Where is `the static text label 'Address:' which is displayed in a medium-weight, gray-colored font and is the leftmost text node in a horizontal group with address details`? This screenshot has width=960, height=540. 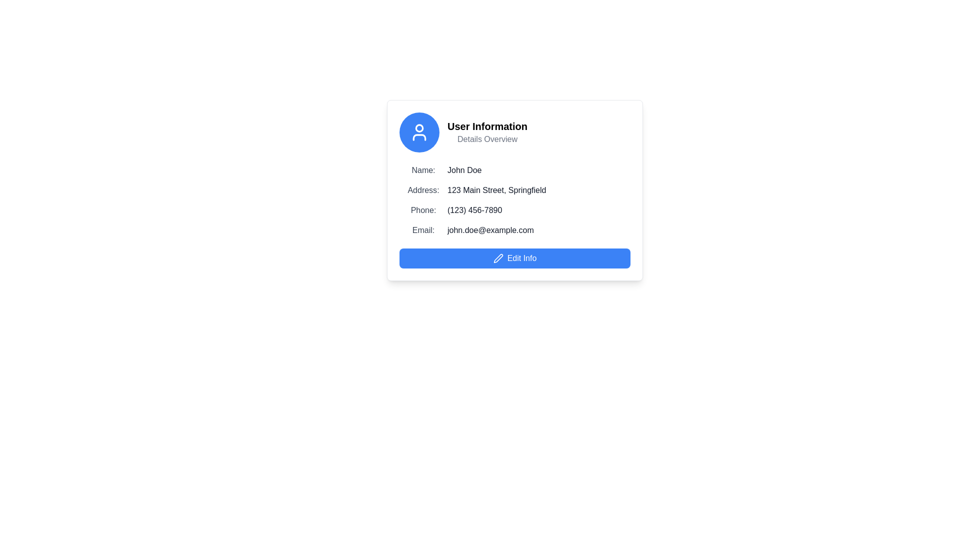
the static text label 'Address:' which is displayed in a medium-weight, gray-colored font and is the leftmost text node in a horizontal group with address details is located at coordinates (423, 190).